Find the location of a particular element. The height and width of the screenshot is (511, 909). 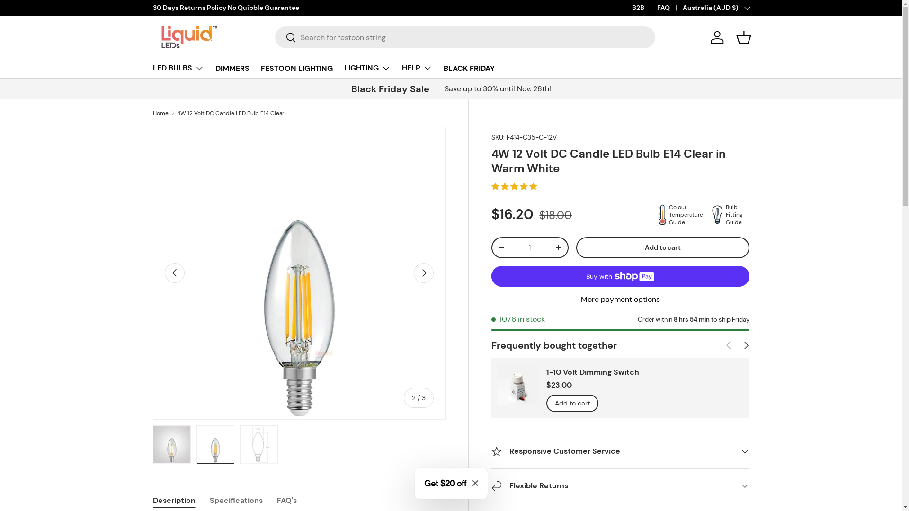

'Search' is located at coordinates (285, 37).